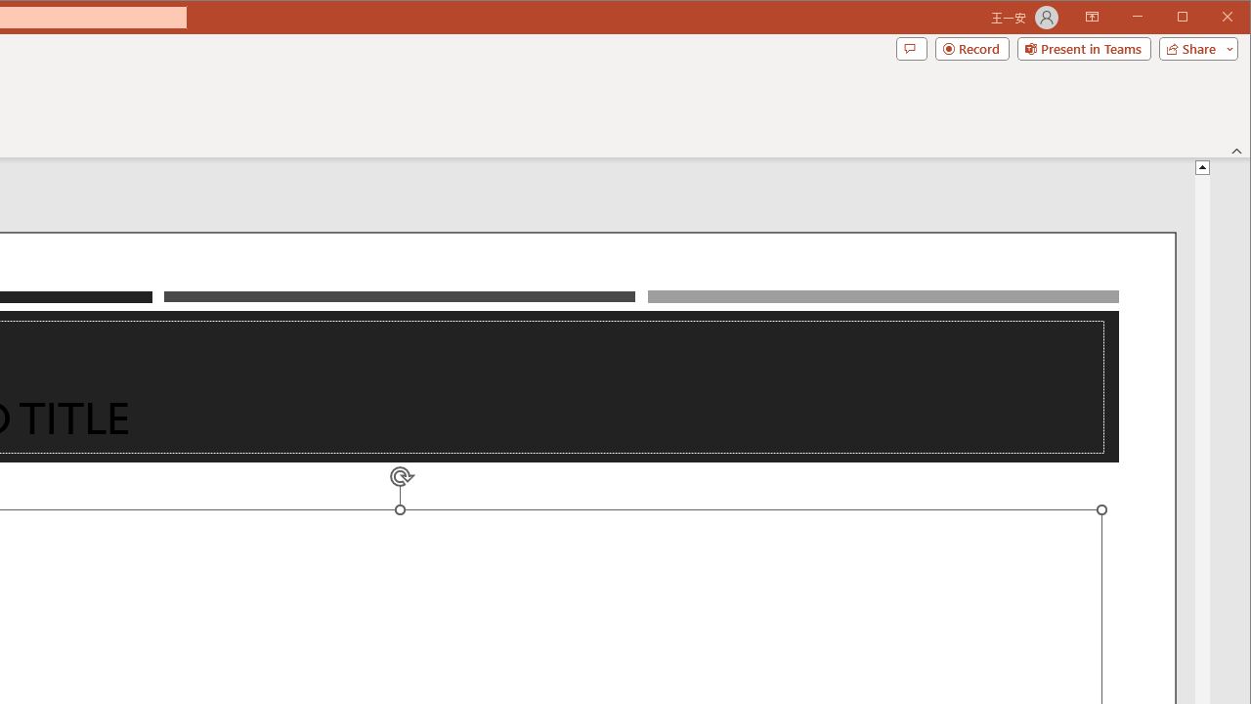  Describe the element at coordinates (1091, 18) in the screenshot. I see `'Ribbon Display Options'` at that location.